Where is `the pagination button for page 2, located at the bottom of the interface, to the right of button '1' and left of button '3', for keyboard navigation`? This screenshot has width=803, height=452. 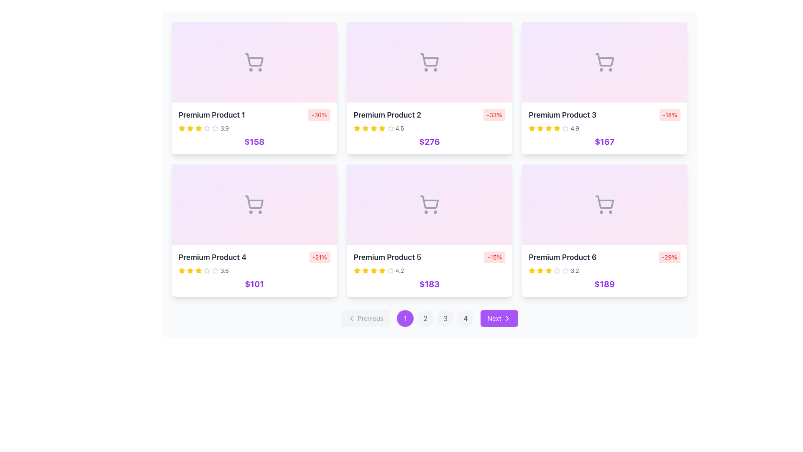
the pagination button for page 2, located at the bottom of the interface, to the right of button '1' and left of button '3', for keyboard navigation is located at coordinates (425, 318).